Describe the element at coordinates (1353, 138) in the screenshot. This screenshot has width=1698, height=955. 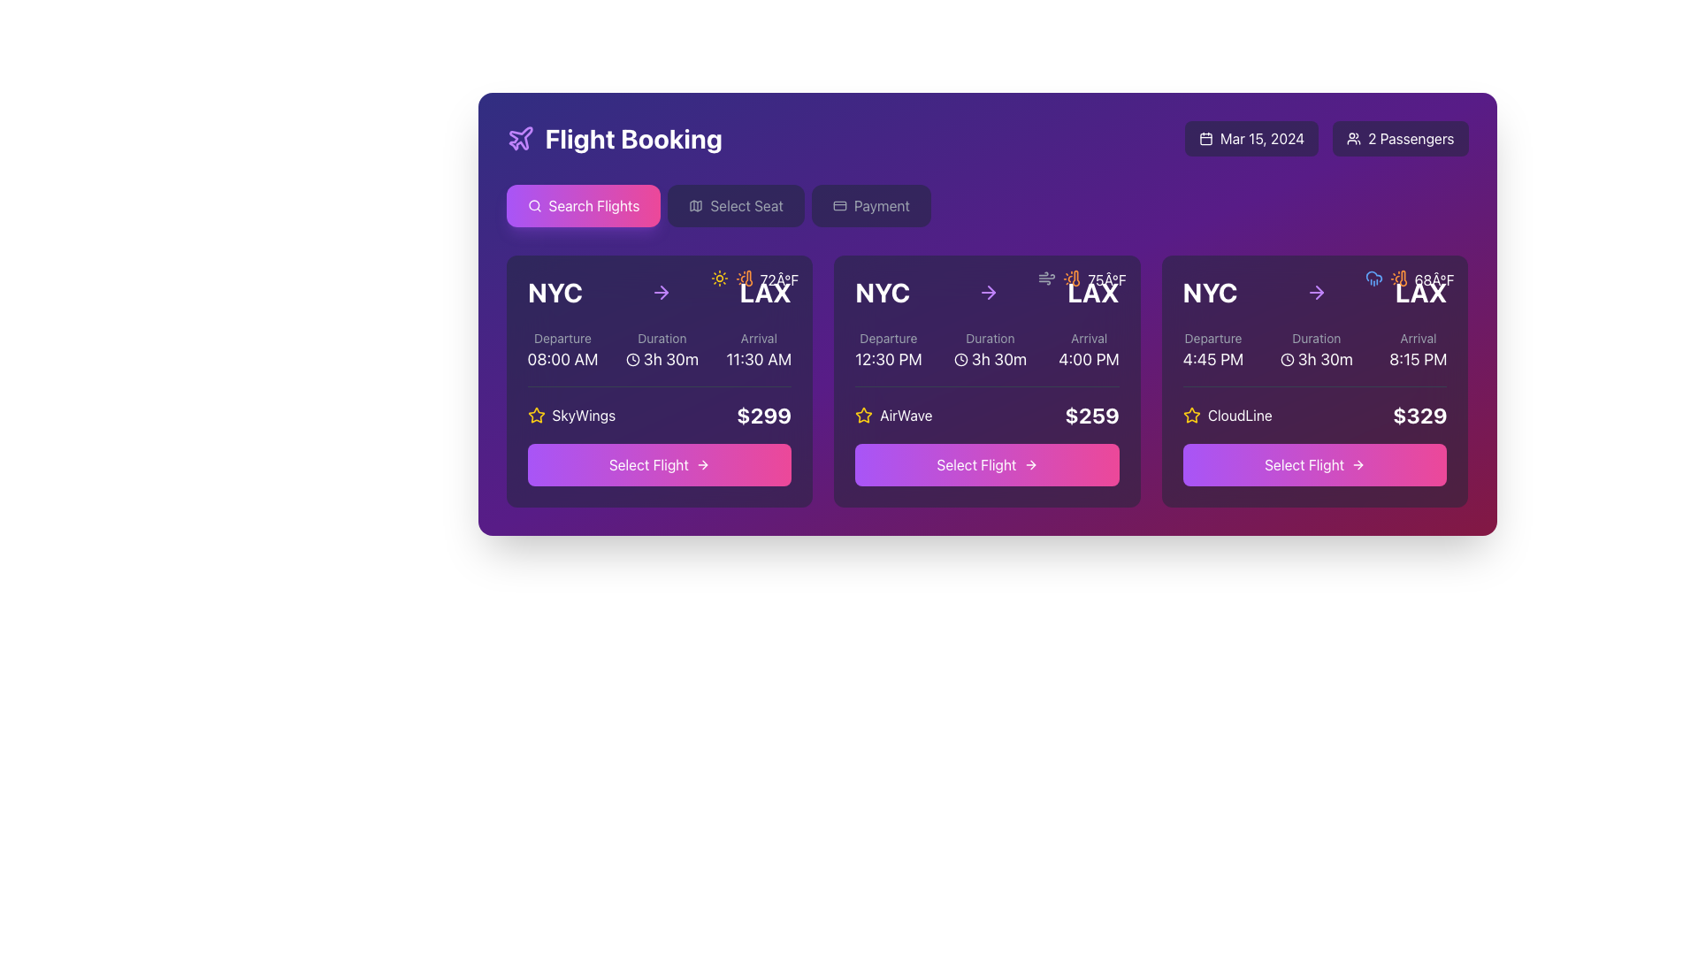
I see `the small user icon consisting of outlines of two human figures, located at the top-right corner of the interface, adjacent to the '2 Passengers' text` at that location.